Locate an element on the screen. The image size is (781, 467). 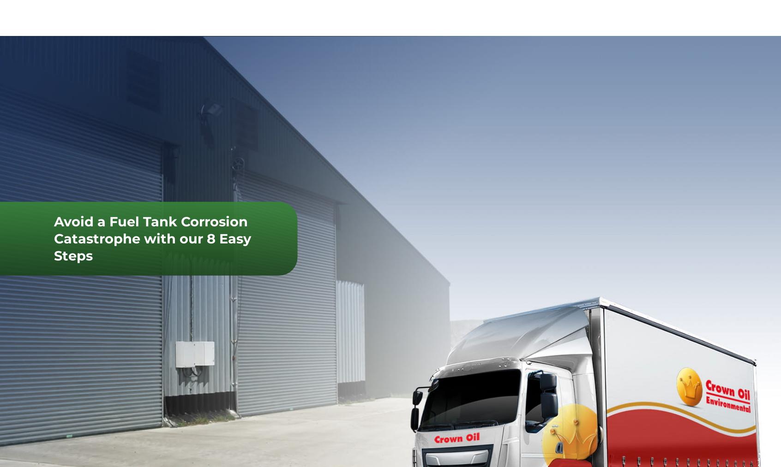
'Keep fuel tanks topped up' is located at coordinates (132, 278).